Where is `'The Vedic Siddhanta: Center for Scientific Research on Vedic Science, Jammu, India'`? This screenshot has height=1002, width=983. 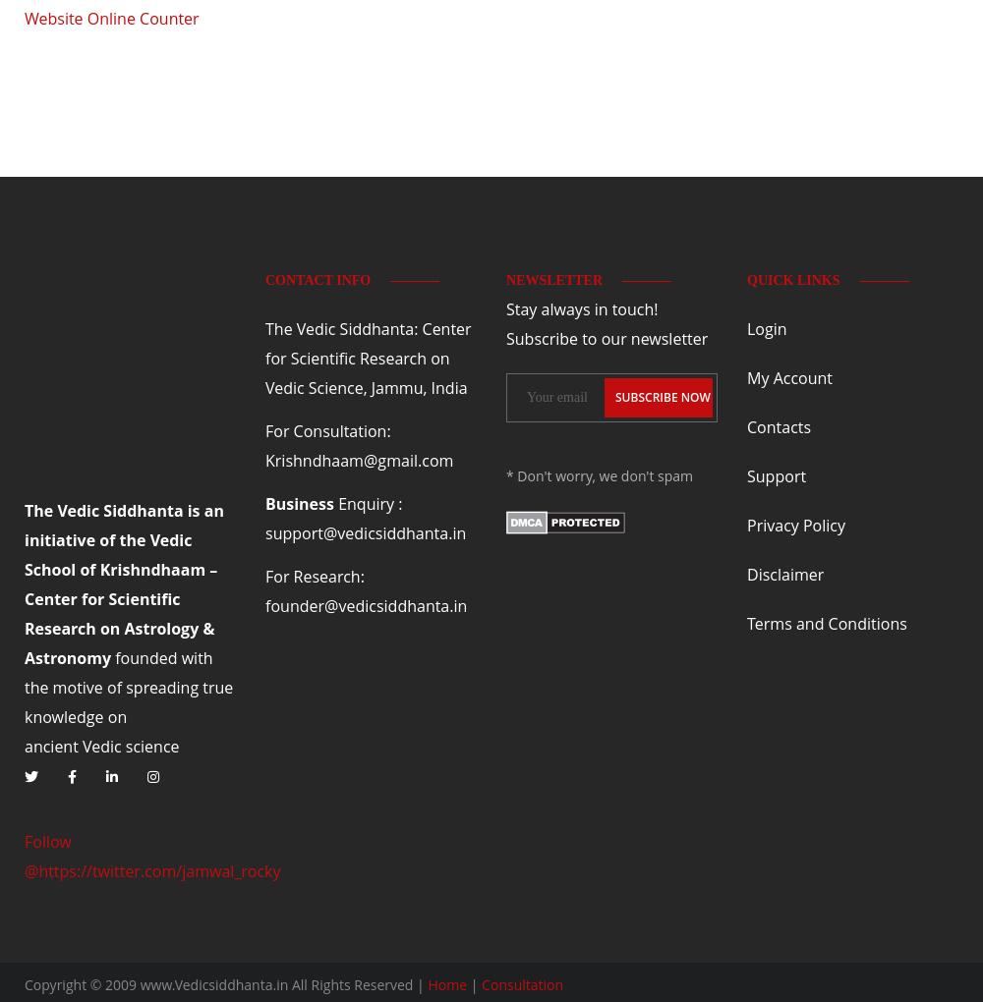
'The Vedic Siddhanta: Center for Scientific Research on Vedic Science, Jammu, India' is located at coordinates (265, 357).